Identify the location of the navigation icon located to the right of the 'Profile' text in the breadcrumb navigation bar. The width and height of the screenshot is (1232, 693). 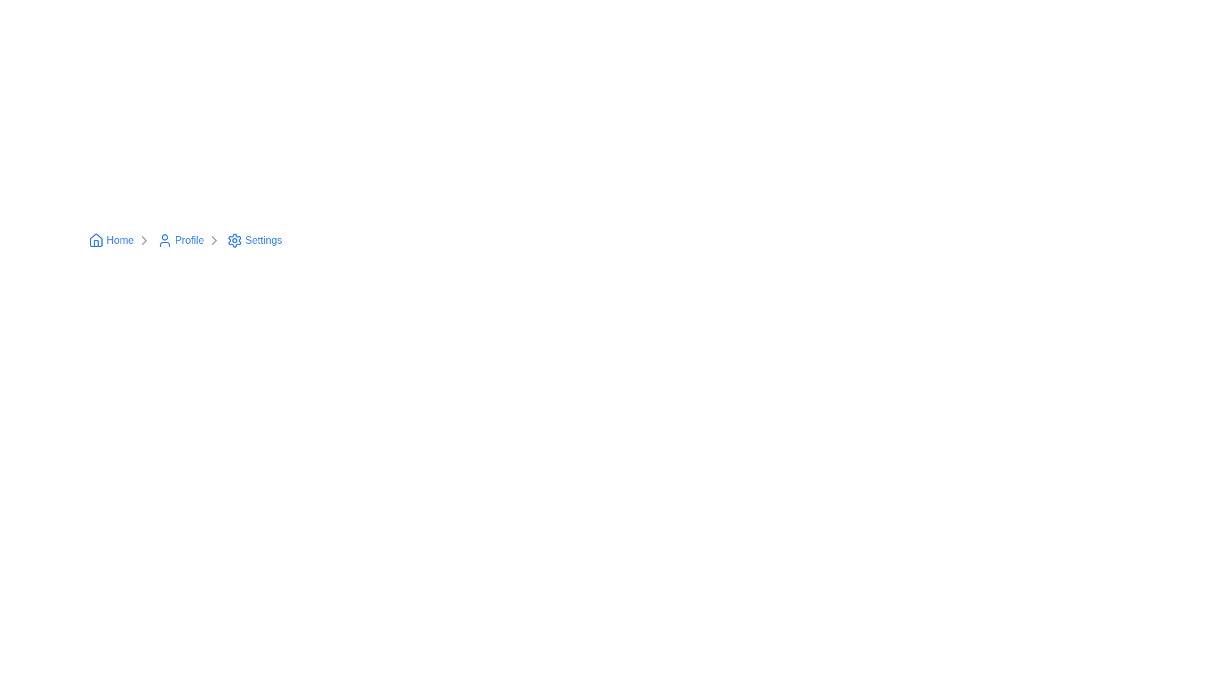
(214, 240).